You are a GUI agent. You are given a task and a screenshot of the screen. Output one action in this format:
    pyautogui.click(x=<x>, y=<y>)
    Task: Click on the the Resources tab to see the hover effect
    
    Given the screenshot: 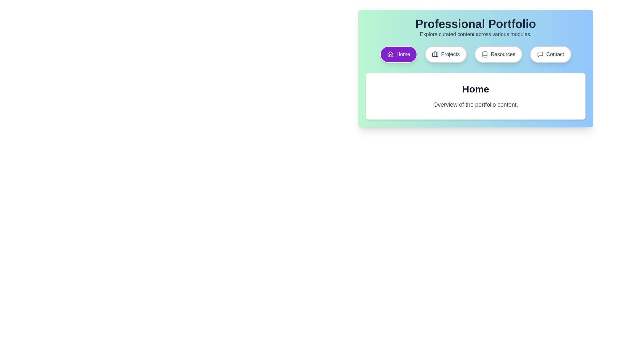 What is the action you would take?
    pyautogui.click(x=498, y=54)
    